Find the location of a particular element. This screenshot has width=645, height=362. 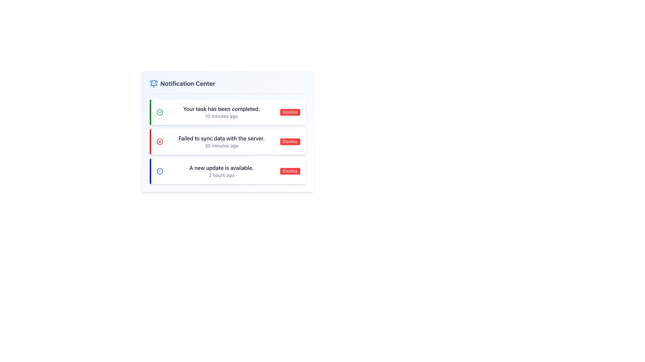

notification message displayed in the alert-styled text block indicating a failed synchronization event is located at coordinates (221, 141).